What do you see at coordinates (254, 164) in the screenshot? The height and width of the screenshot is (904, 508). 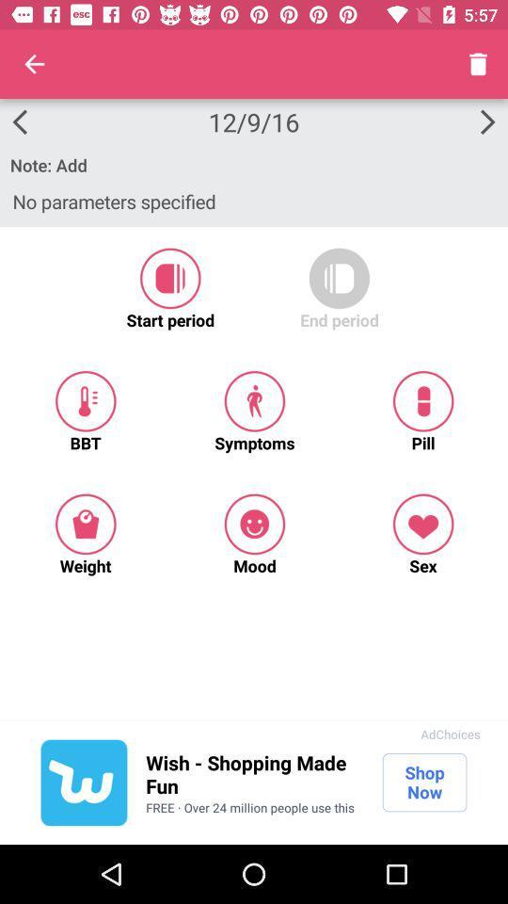 I see `the note: add icon` at bounding box center [254, 164].